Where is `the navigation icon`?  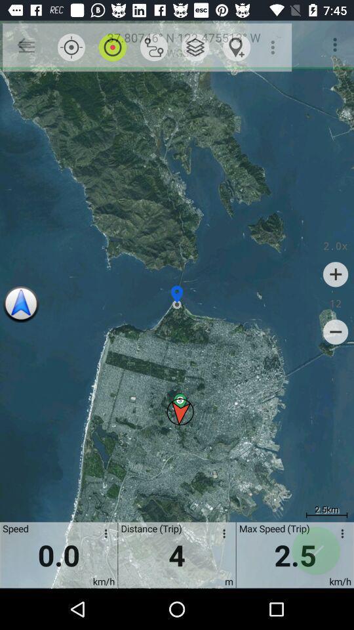 the navigation icon is located at coordinates (20, 304).